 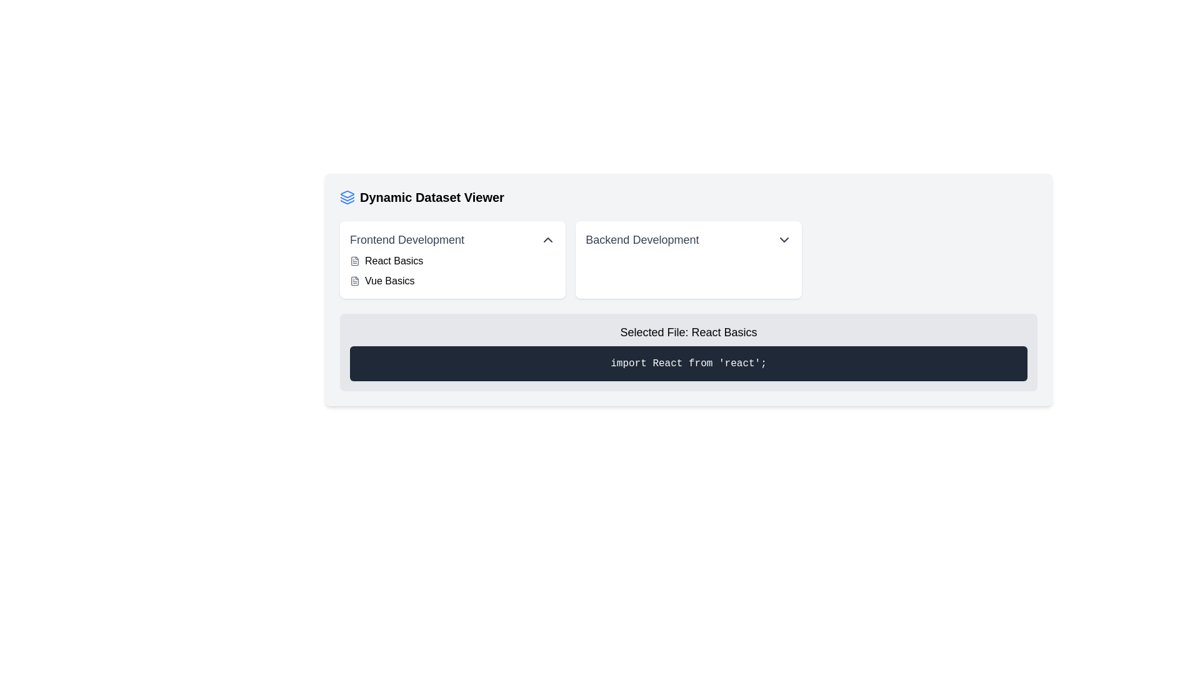 What do you see at coordinates (347, 194) in the screenshot?
I see `the first triangle of the vertical stack representing 'layers' in the navigation panel` at bounding box center [347, 194].